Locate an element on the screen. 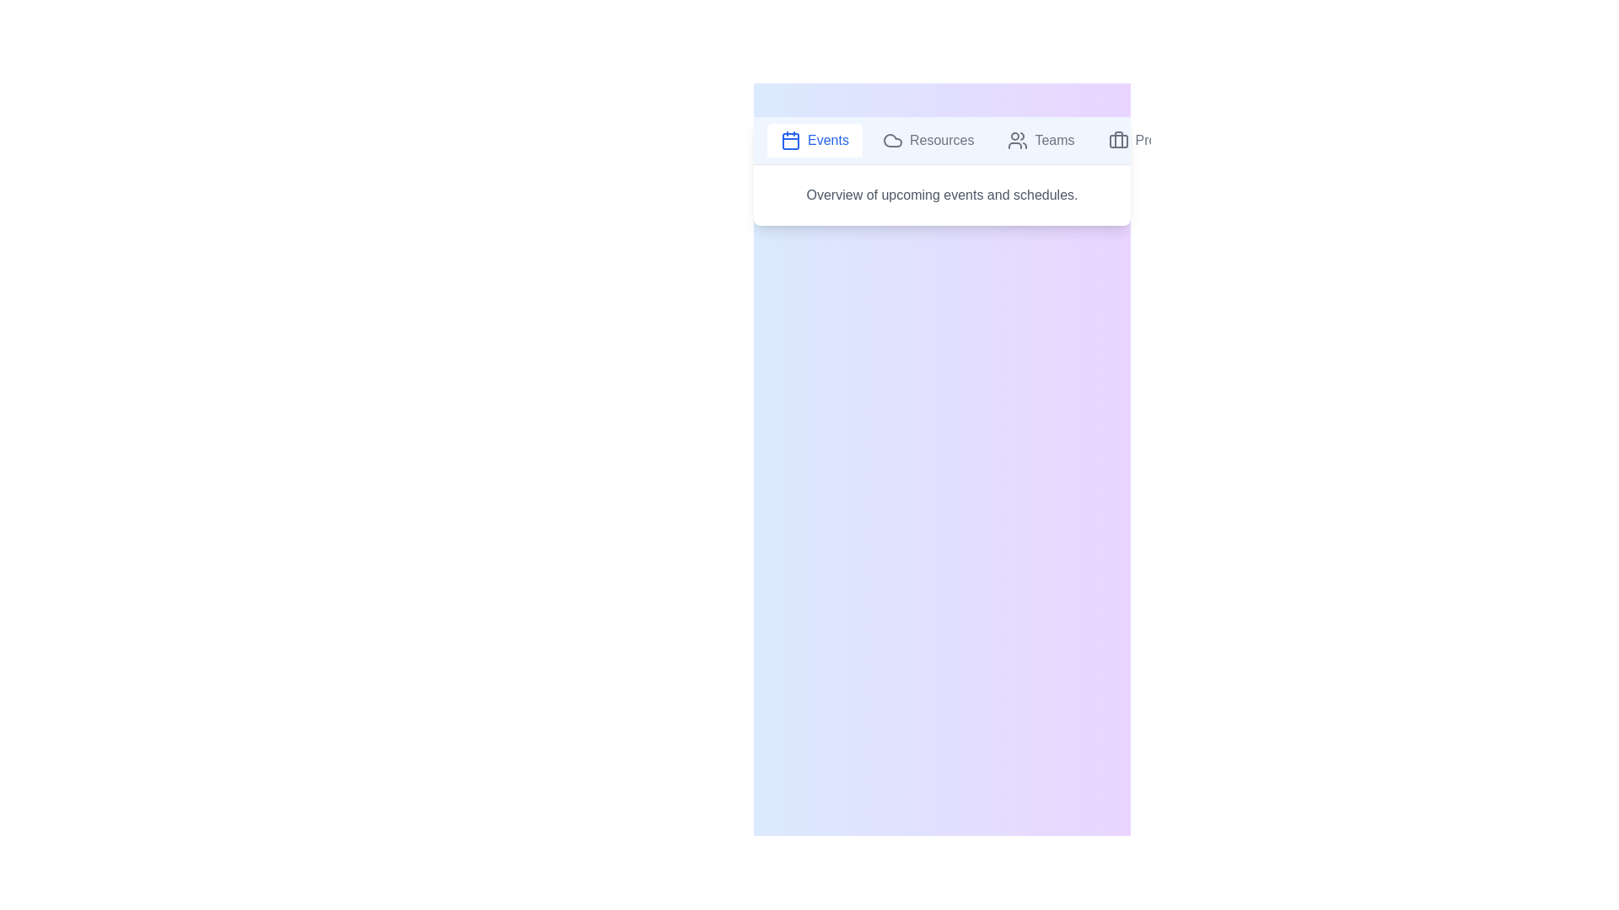 This screenshot has height=910, width=1619. the tab labeled Teams to view its content is located at coordinates (1040, 139).